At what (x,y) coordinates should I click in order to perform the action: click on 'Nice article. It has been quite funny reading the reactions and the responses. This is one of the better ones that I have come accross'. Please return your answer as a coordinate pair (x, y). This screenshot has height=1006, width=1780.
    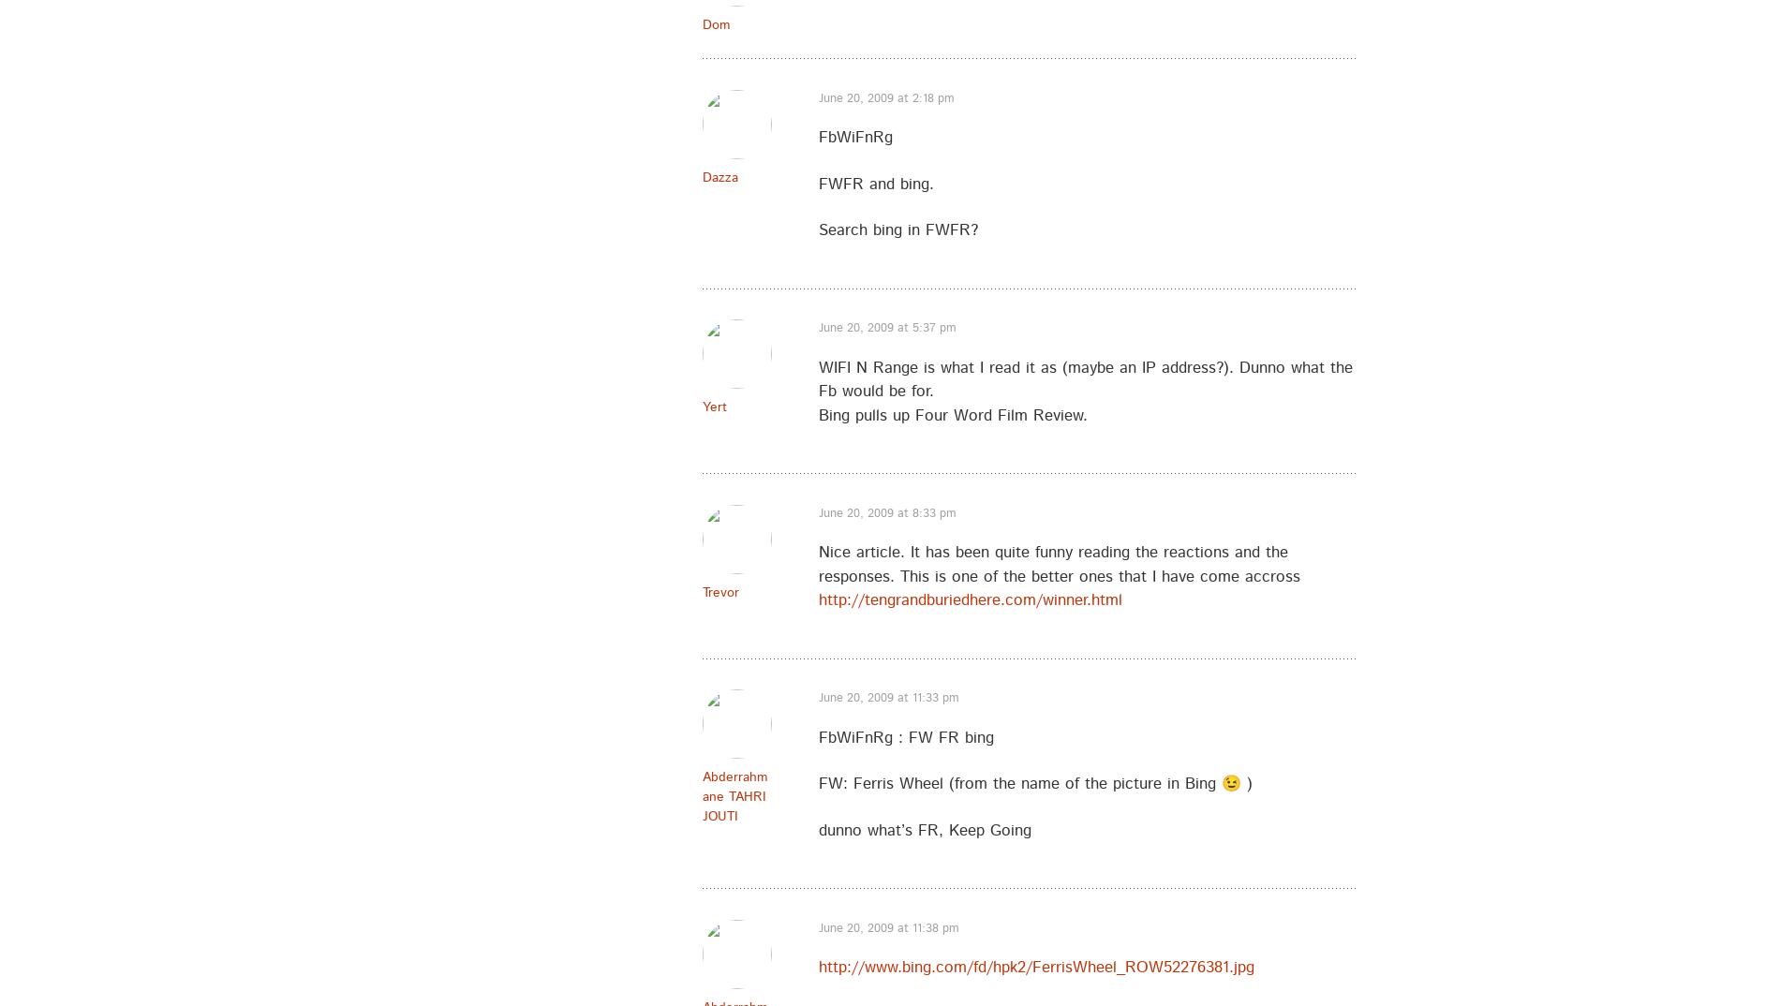
    Looking at the image, I should click on (1060, 564).